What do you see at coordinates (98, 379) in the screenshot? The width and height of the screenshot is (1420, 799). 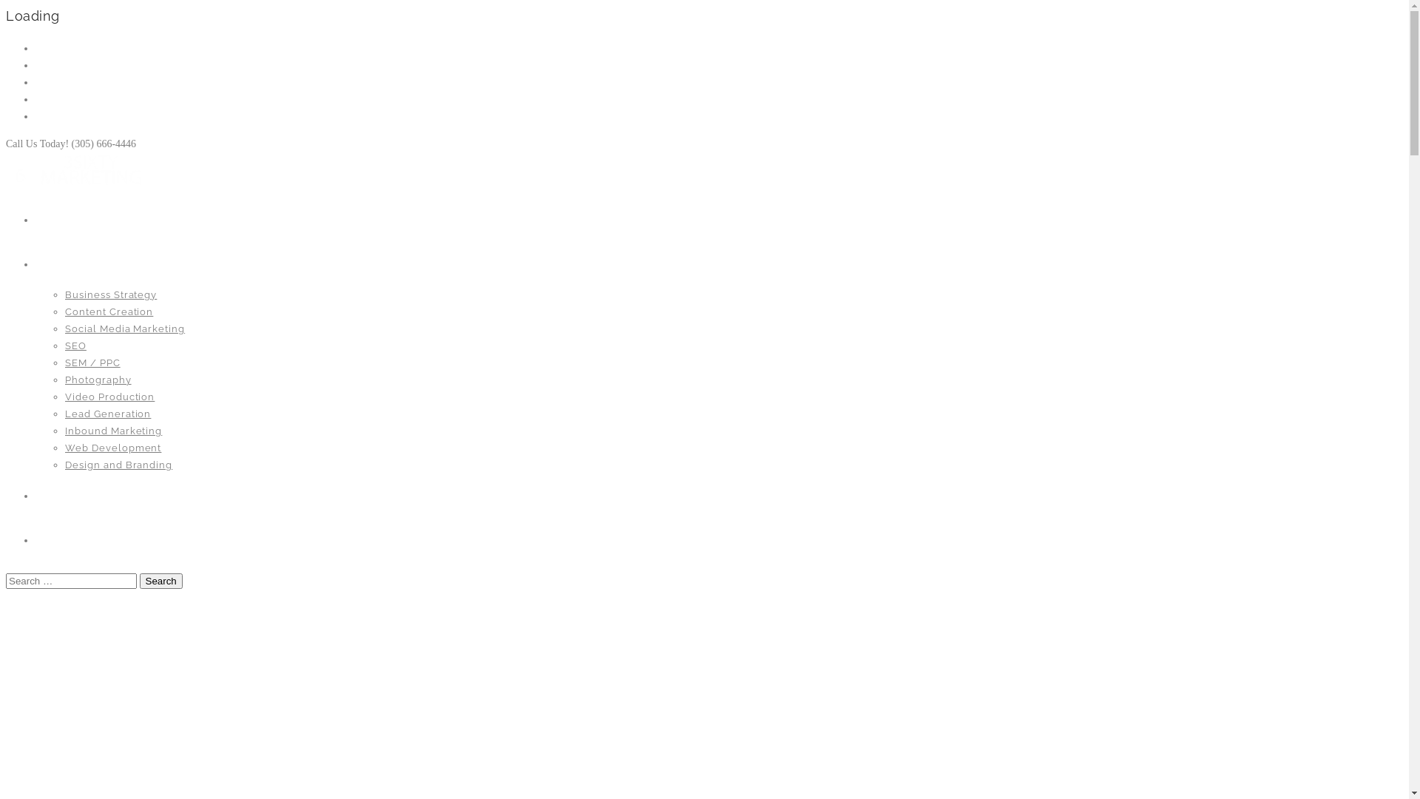 I see `'Photography'` at bounding box center [98, 379].